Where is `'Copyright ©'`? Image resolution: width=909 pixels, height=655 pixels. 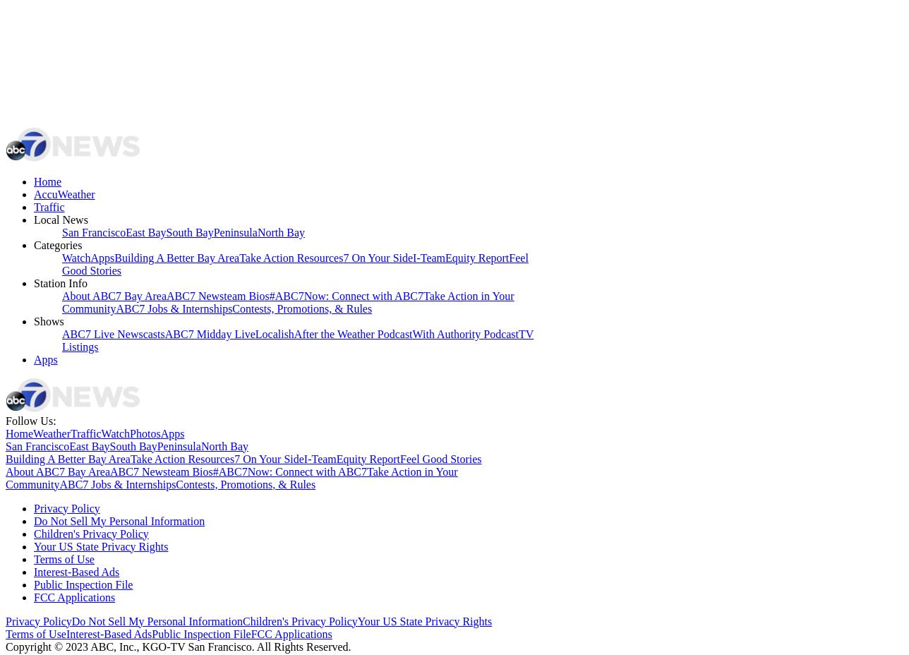 'Copyright ©' is located at coordinates (35, 646).